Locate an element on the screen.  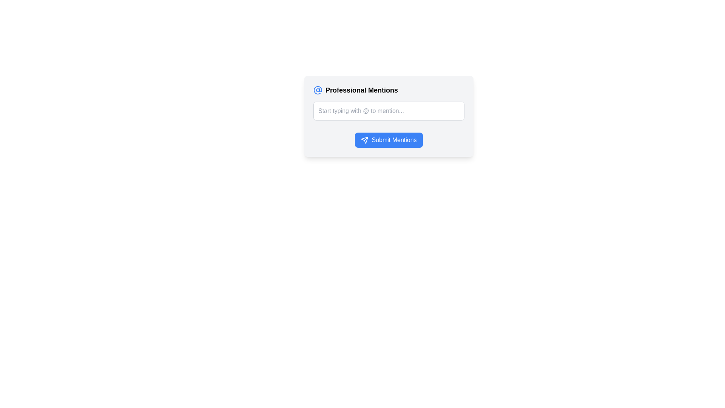
the text input box for mentions located centrally below the 'Professional Mentions' heading and above the 'Submit Mentions' button to focus on it is located at coordinates (389, 116).